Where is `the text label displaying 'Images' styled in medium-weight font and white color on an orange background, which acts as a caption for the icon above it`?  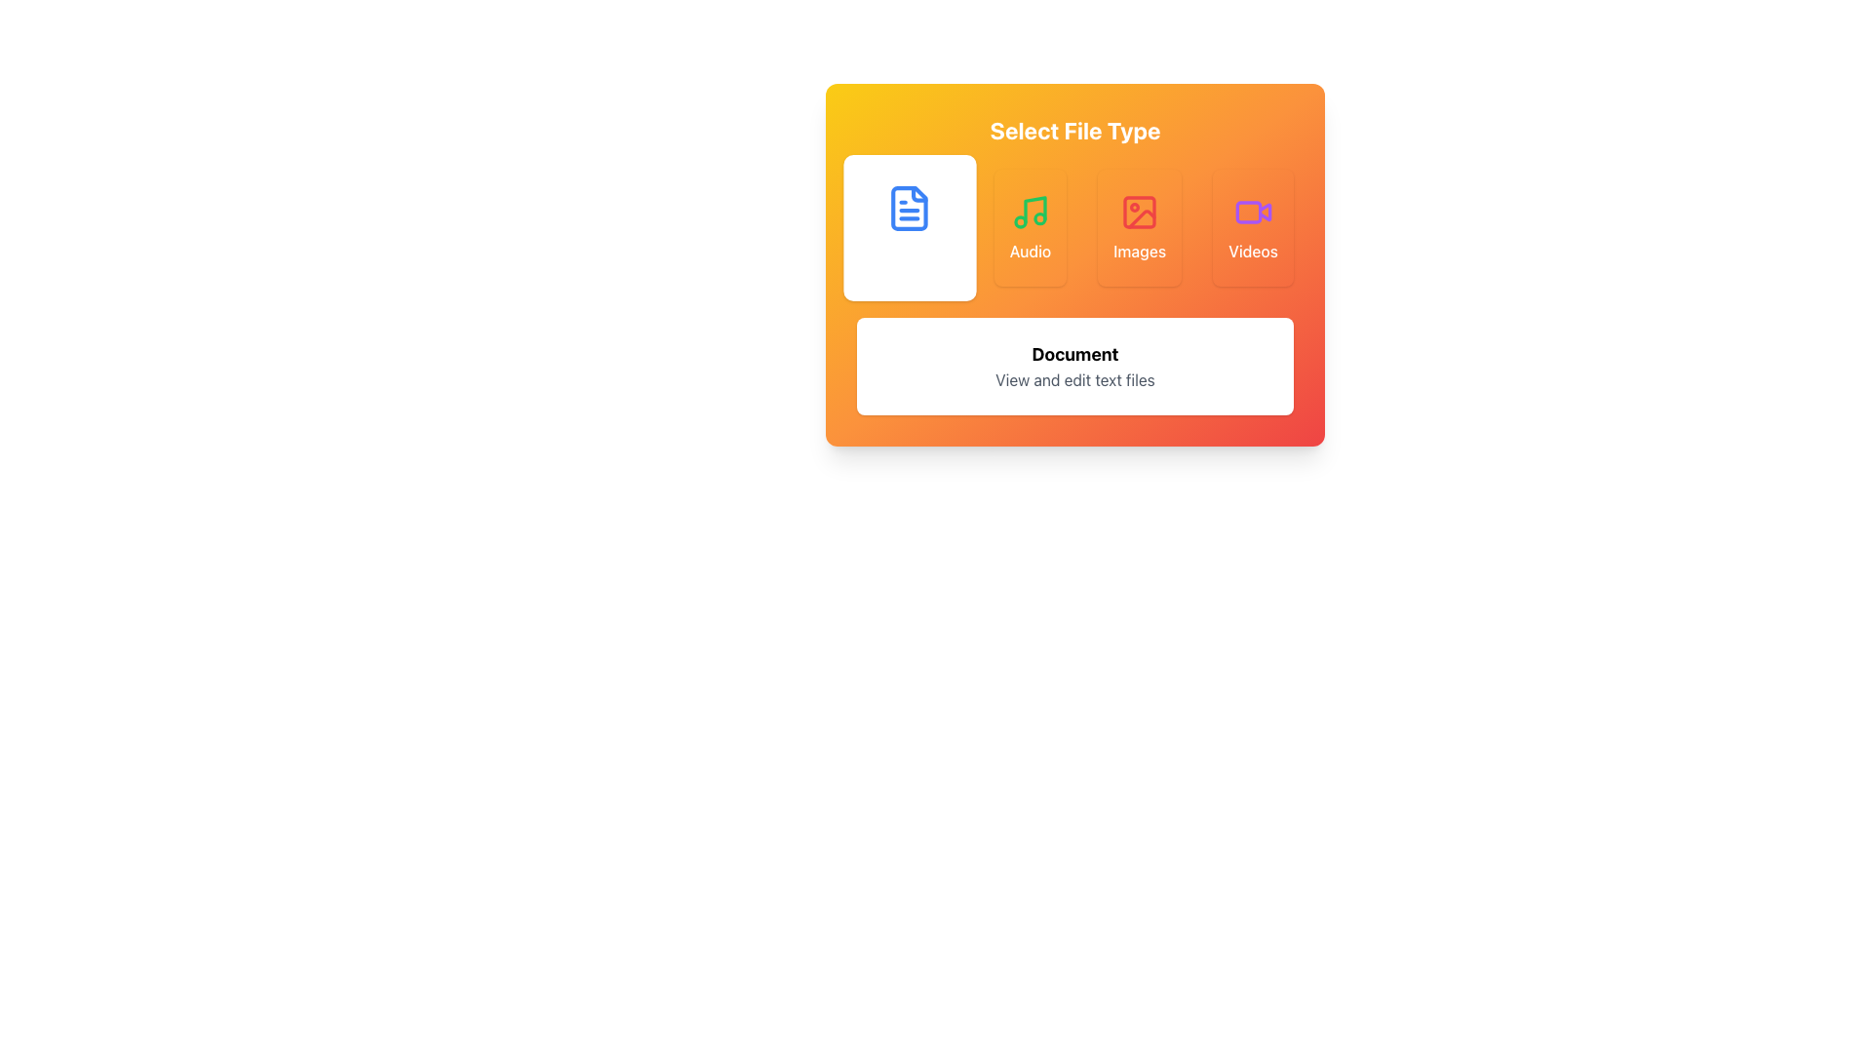 the text label displaying 'Images' styled in medium-weight font and white color on an orange background, which acts as a caption for the icon above it is located at coordinates (1140, 251).